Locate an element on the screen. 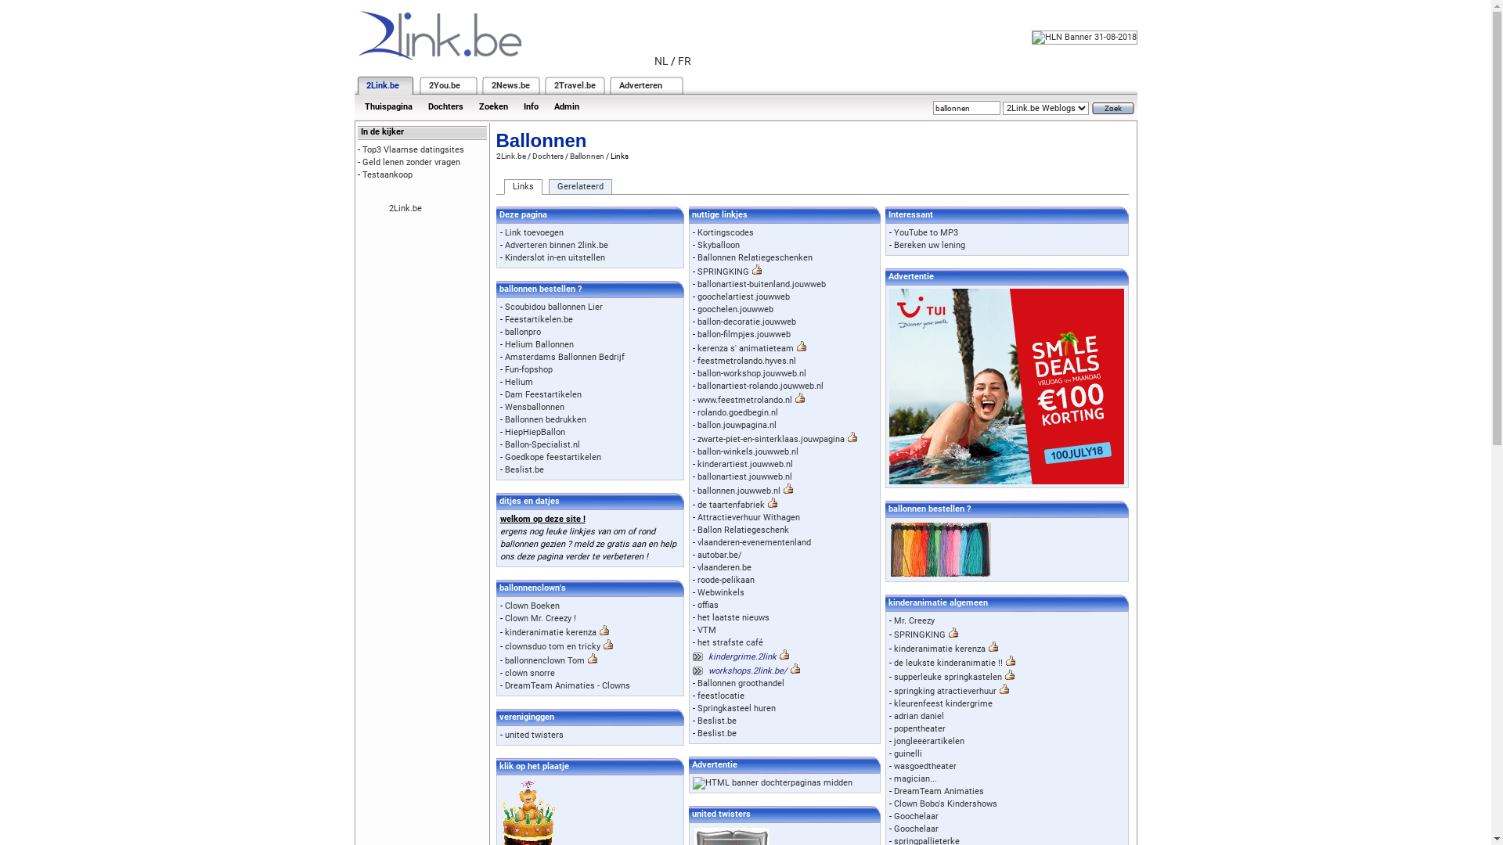 The width and height of the screenshot is (1503, 845). 'het laatste nieuws' is located at coordinates (732, 617).